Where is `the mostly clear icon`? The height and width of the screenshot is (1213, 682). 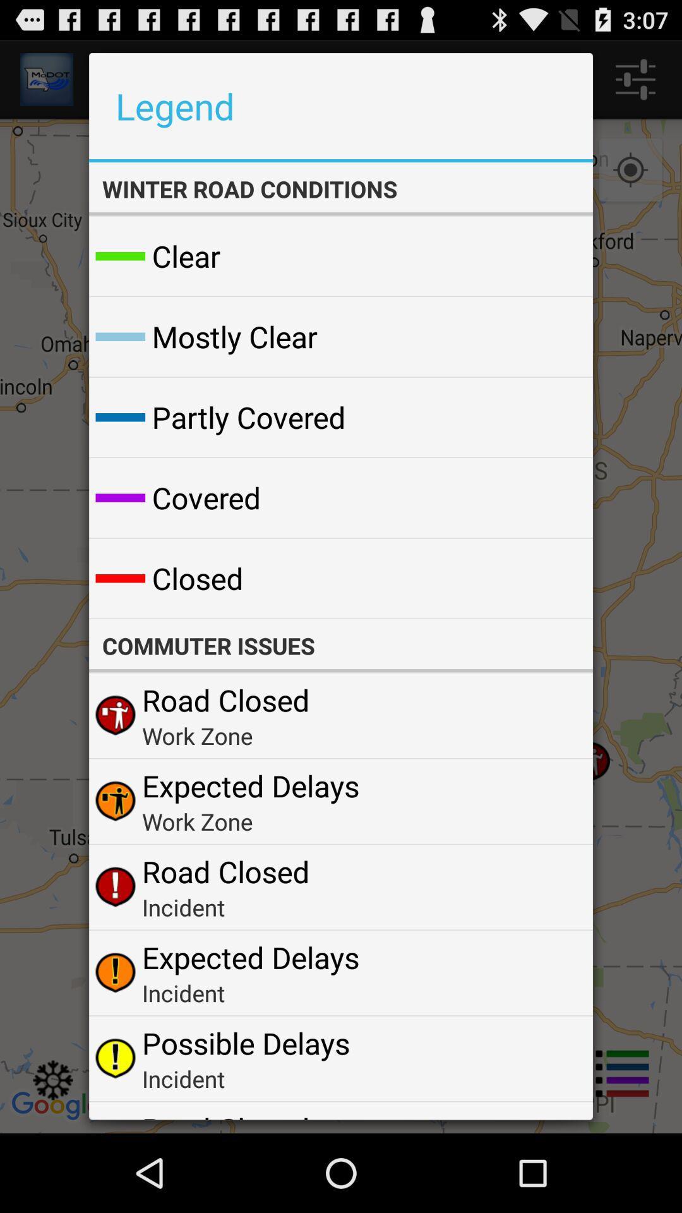
the mostly clear icon is located at coordinates (234, 336).